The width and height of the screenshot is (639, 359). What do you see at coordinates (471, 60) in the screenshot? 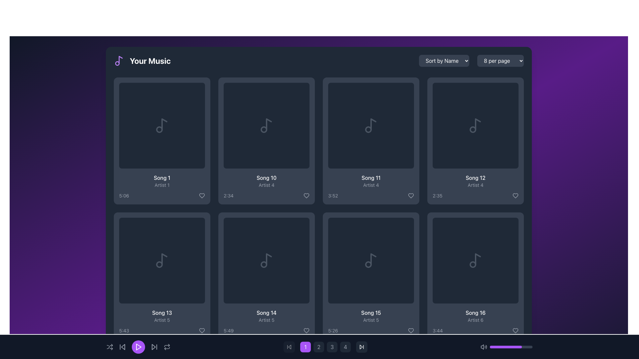
I see `the composite component for sorting and pagination settings located at the top-right corner of the 'Your Music' grid by using the keyboard for navigation` at bounding box center [471, 60].